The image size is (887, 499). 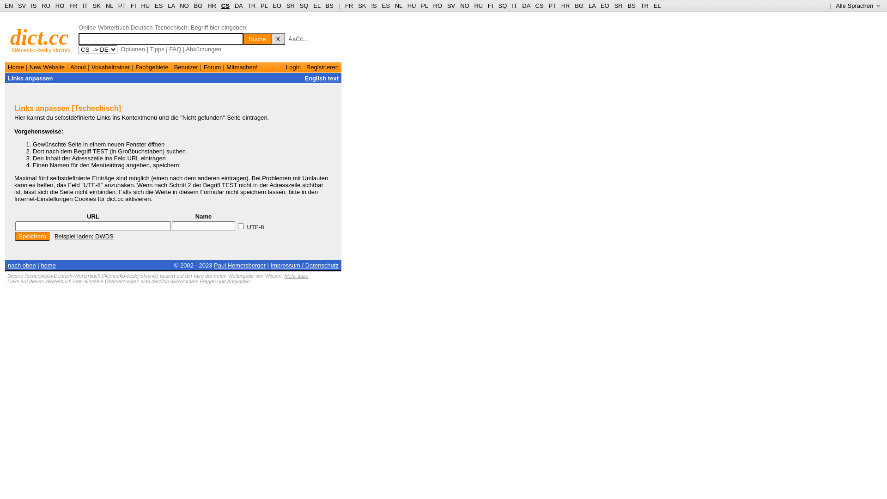 What do you see at coordinates (345, 6) in the screenshot?
I see `'FR'` at bounding box center [345, 6].